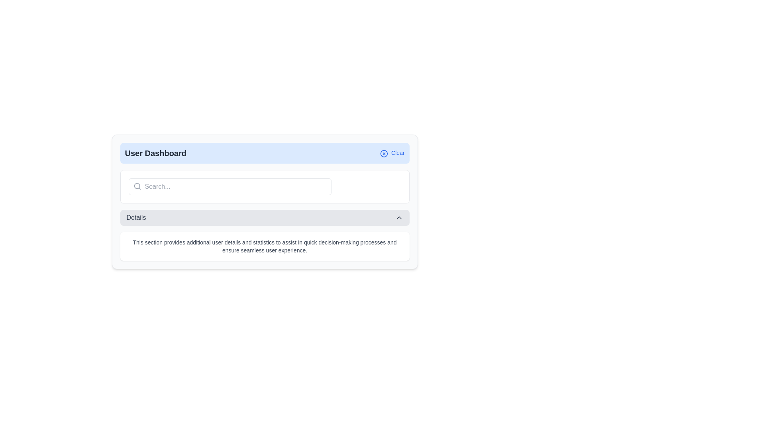 Image resolution: width=765 pixels, height=430 pixels. What do you see at coordinates (384, 153) in the screenshot?
I see `the SVG Circle Element that is part of the 'Close' button icon located in the top-right corner of the 'User Dashboard' section` at bounding box center [384, 153].